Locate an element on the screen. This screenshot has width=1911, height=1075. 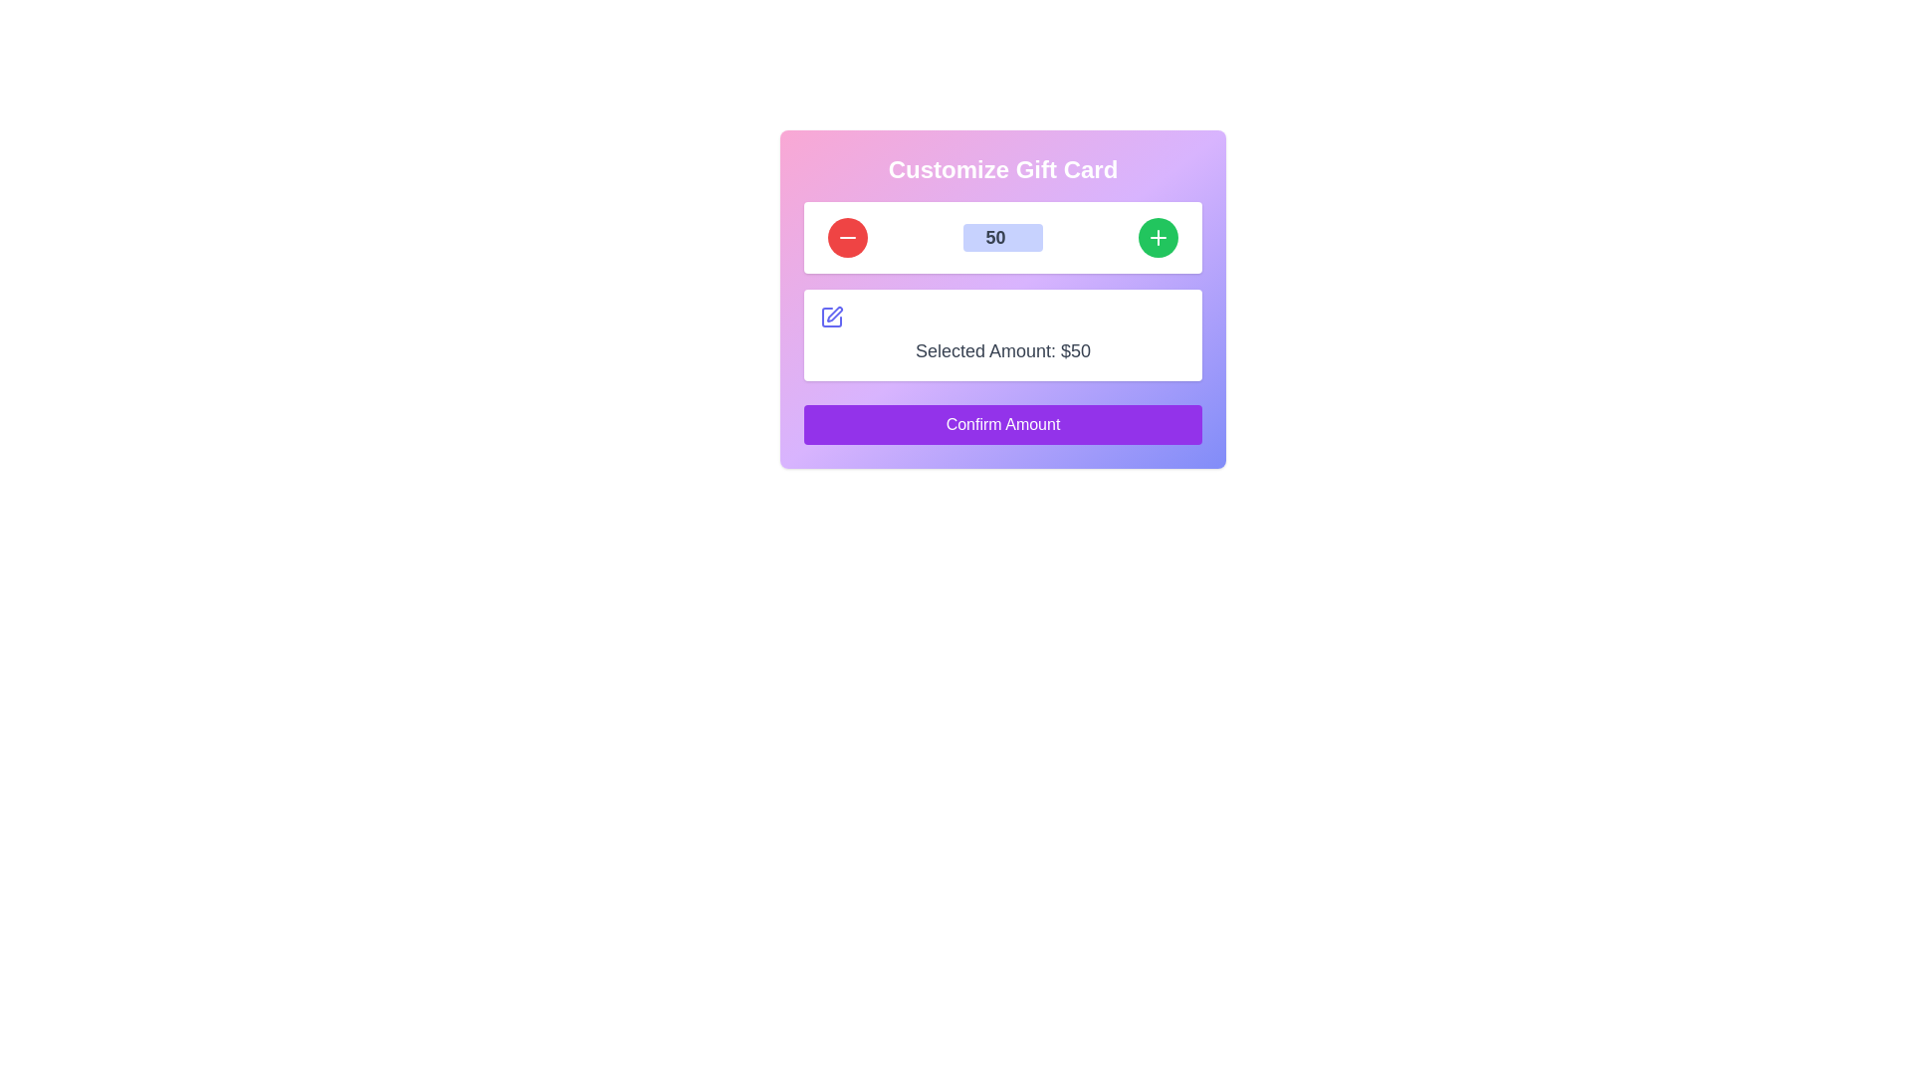
the circular red decrement button with a white minus icon located in the 'Customize Gift Card' section to decrement the value is located at coordinates (847, 237).